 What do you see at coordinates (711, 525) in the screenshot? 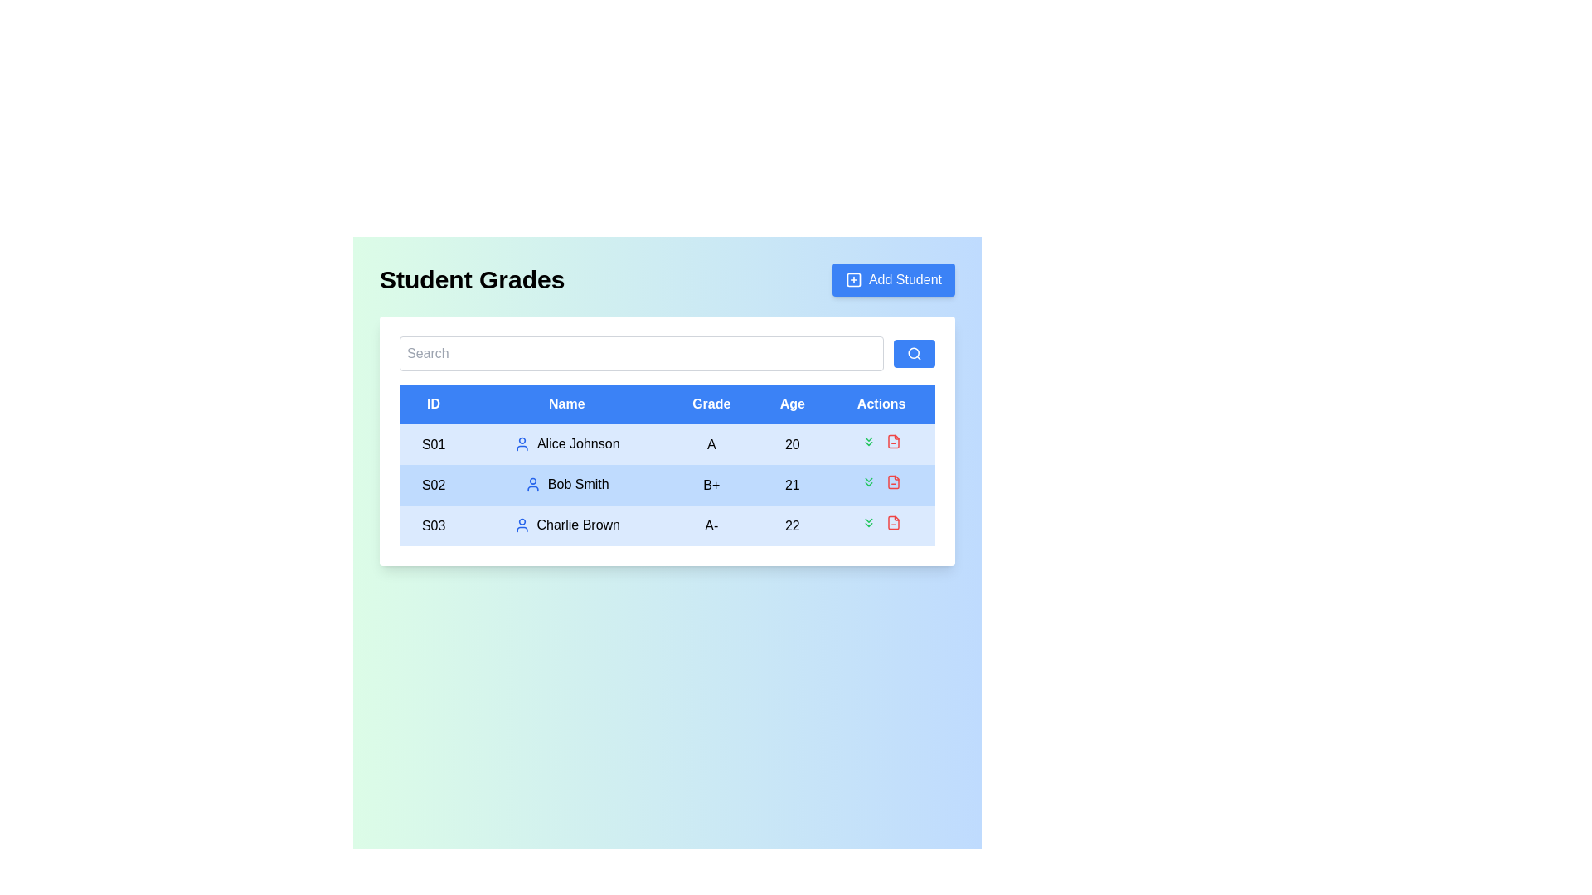
I see `the text label displaying the grade 'A-' for student Charlie Brown, located in the 'Grade' column of the third row labeled 'S03'` at bounding box center [711, 525].